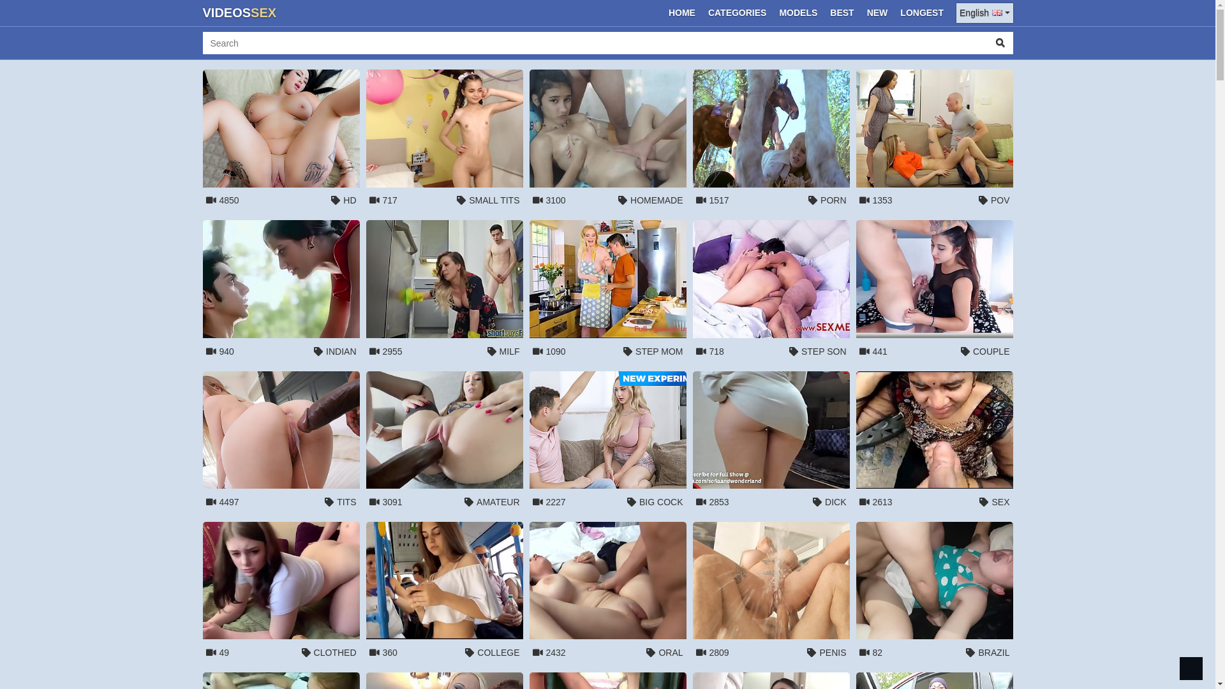 This screenshot has height=689, width=1225. What do you see at coordinates (771, 292) in the screenshot?
I see `'718` at bounding box center [771, 292].